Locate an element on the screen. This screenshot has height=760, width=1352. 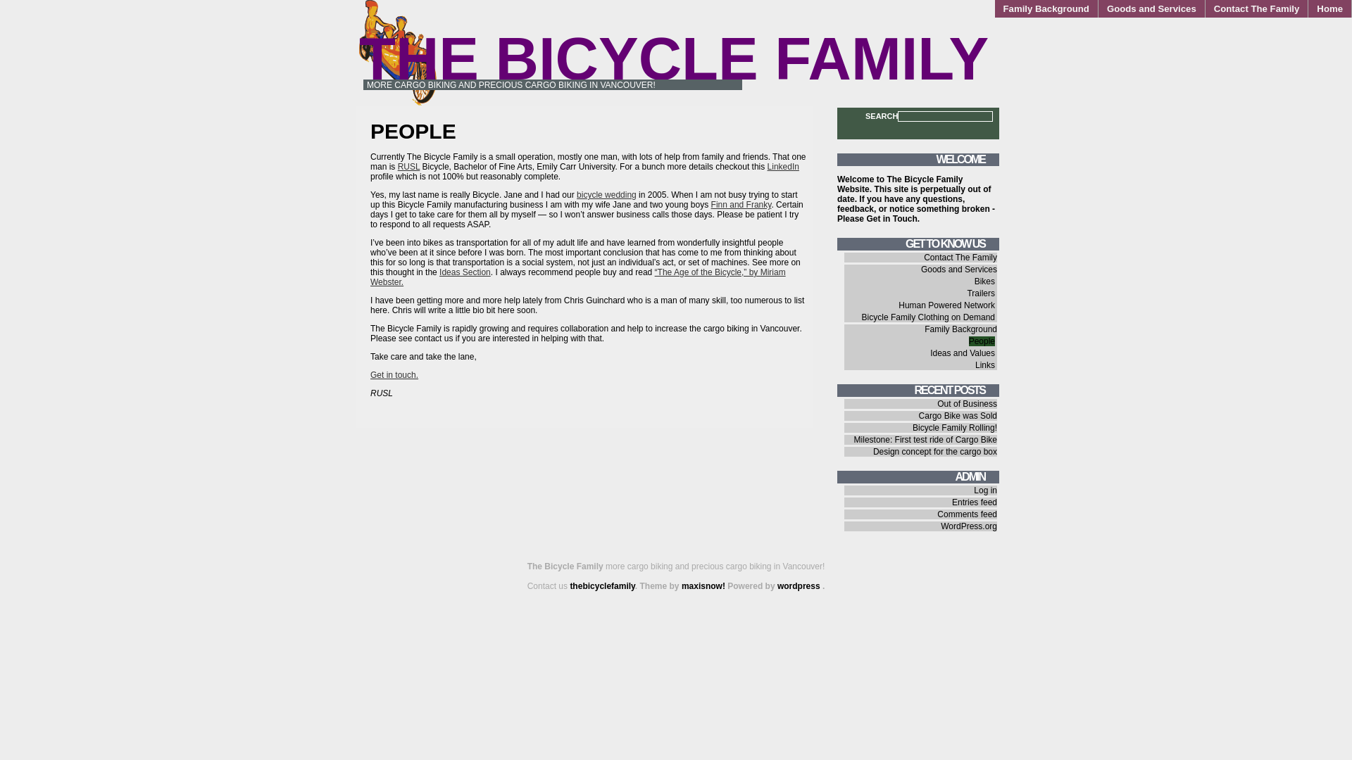
'Bicycle Family Rolling!' is located at coordinates (955, 427).